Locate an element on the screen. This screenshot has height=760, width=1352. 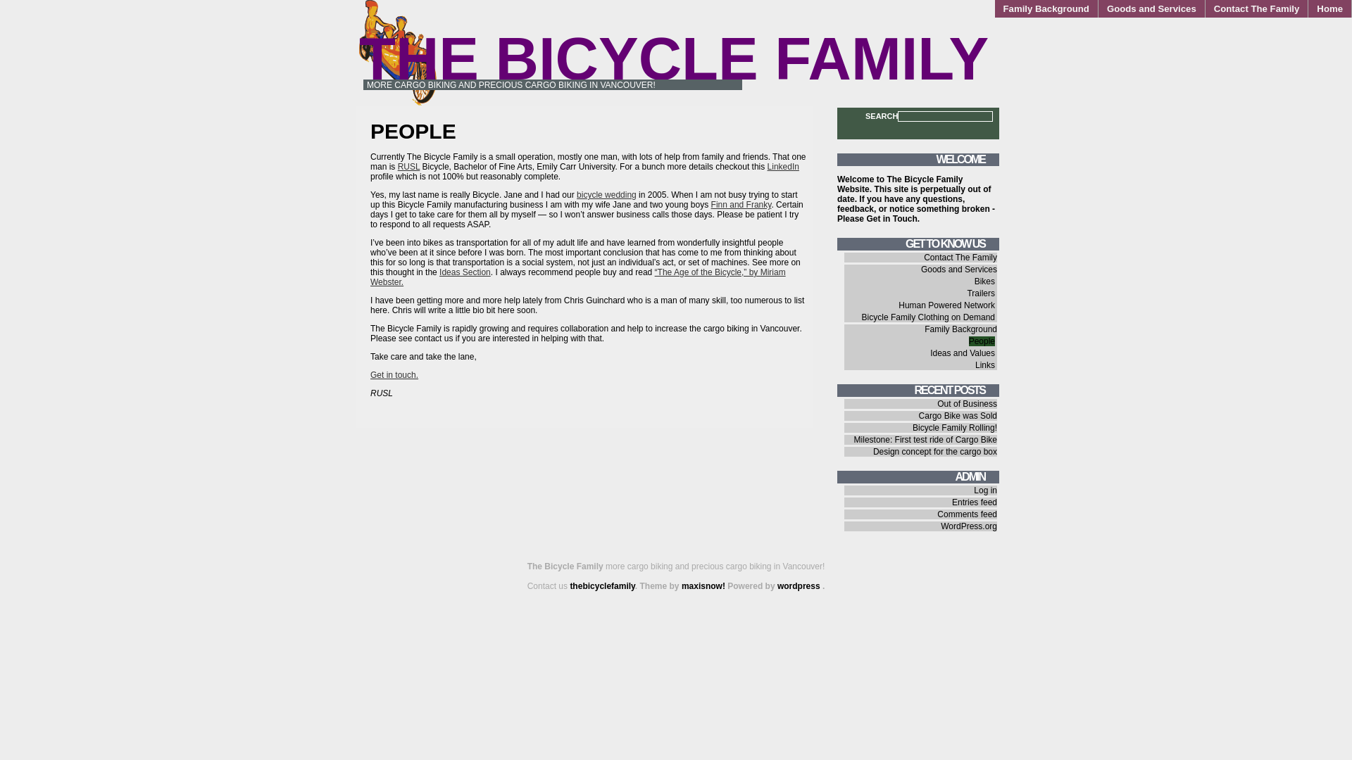
'Bicycle Family Rolling!' is located at coordinates (955, 427).